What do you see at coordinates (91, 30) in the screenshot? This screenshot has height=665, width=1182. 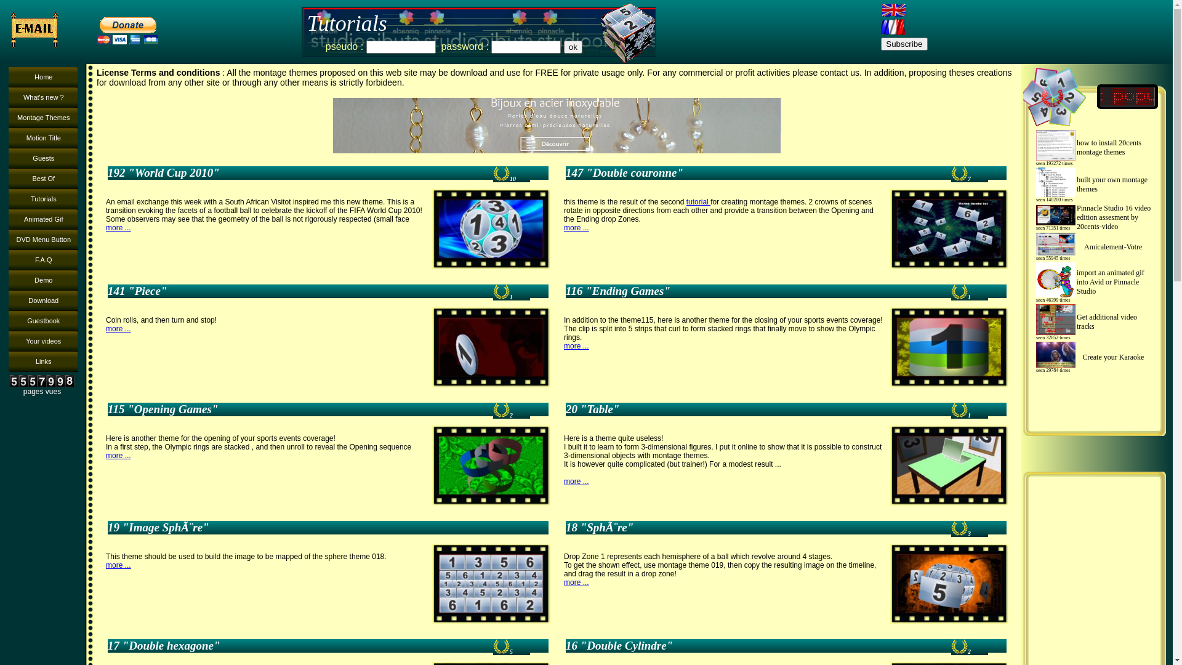 I see `'Donate'` at bounding box center [91, 30].